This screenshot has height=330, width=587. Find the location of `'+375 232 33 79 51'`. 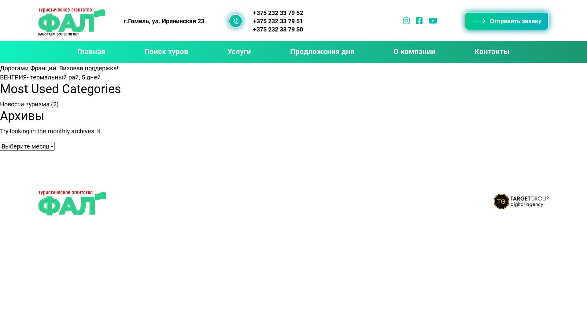

'+375 232 33 79 51' is located at coordinates (278, 21).